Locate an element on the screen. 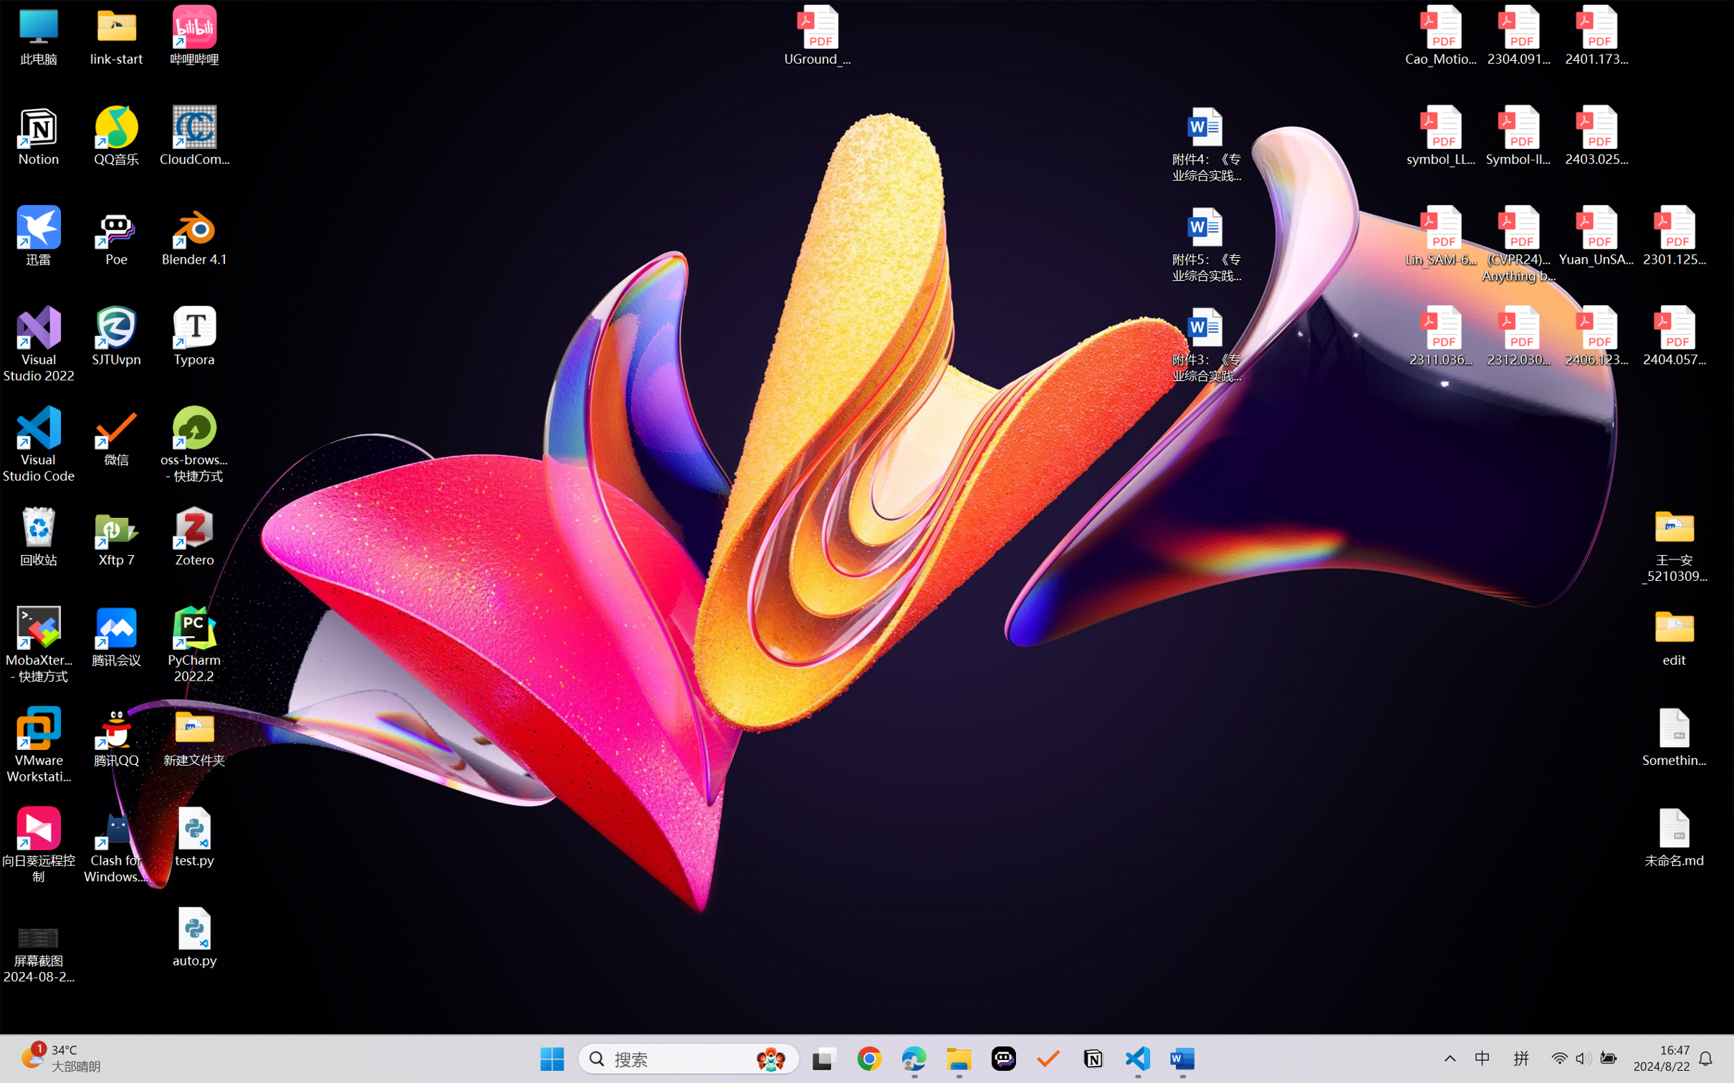  '2403.02502v1.pdf' is located at coordinates (1595, 136).